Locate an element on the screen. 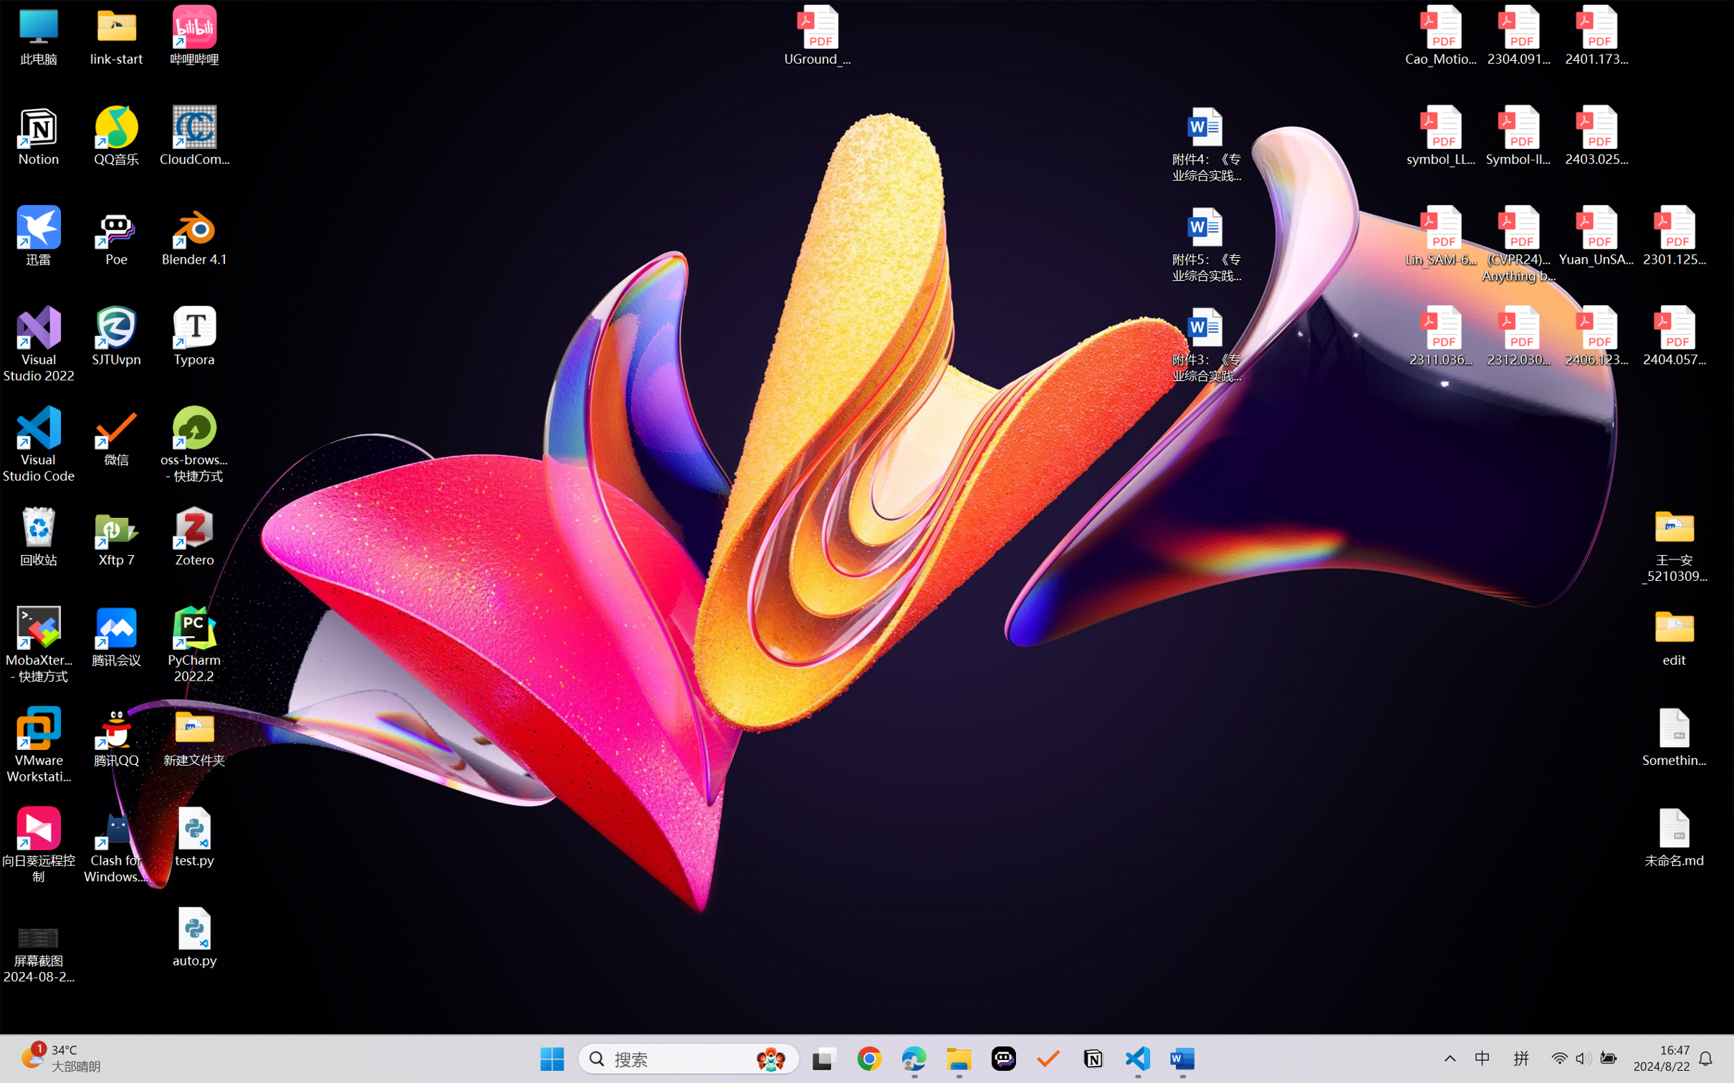  '2403.02502v1.pdf' is located at coordinates (1595, 136).